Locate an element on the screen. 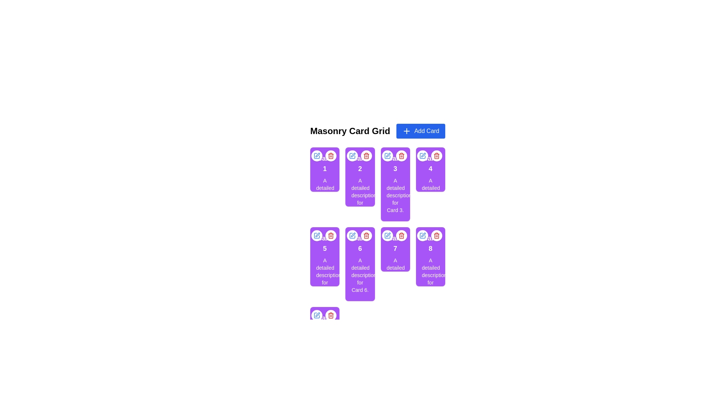  the delete button located in the top-right corner of card labeled '2' is located at coordinates (366, 155).